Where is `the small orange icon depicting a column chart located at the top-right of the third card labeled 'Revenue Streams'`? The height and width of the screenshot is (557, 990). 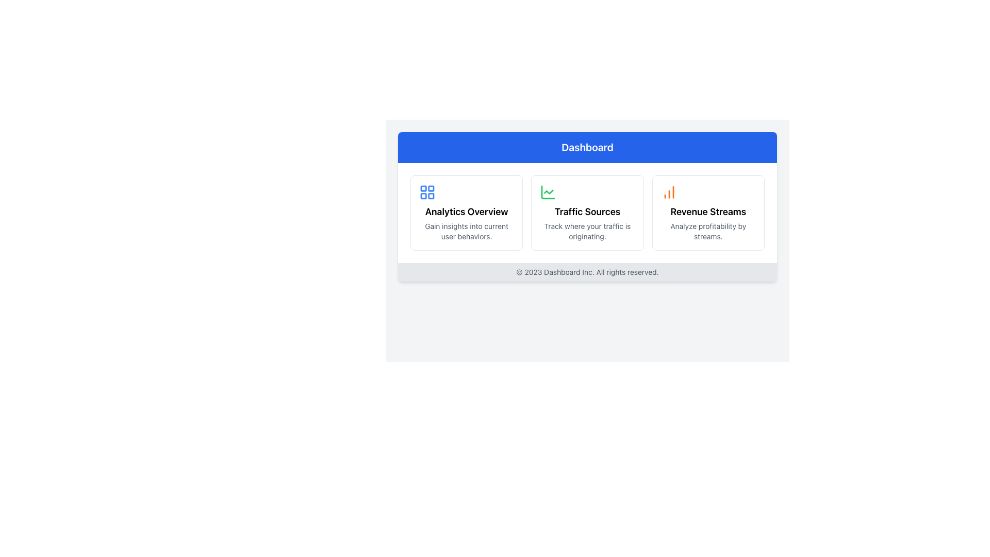 the small orange icon depicting a column chart located at the top-right of the third card labeled 'Revenue Streams' is located at coordinates (669, 192).